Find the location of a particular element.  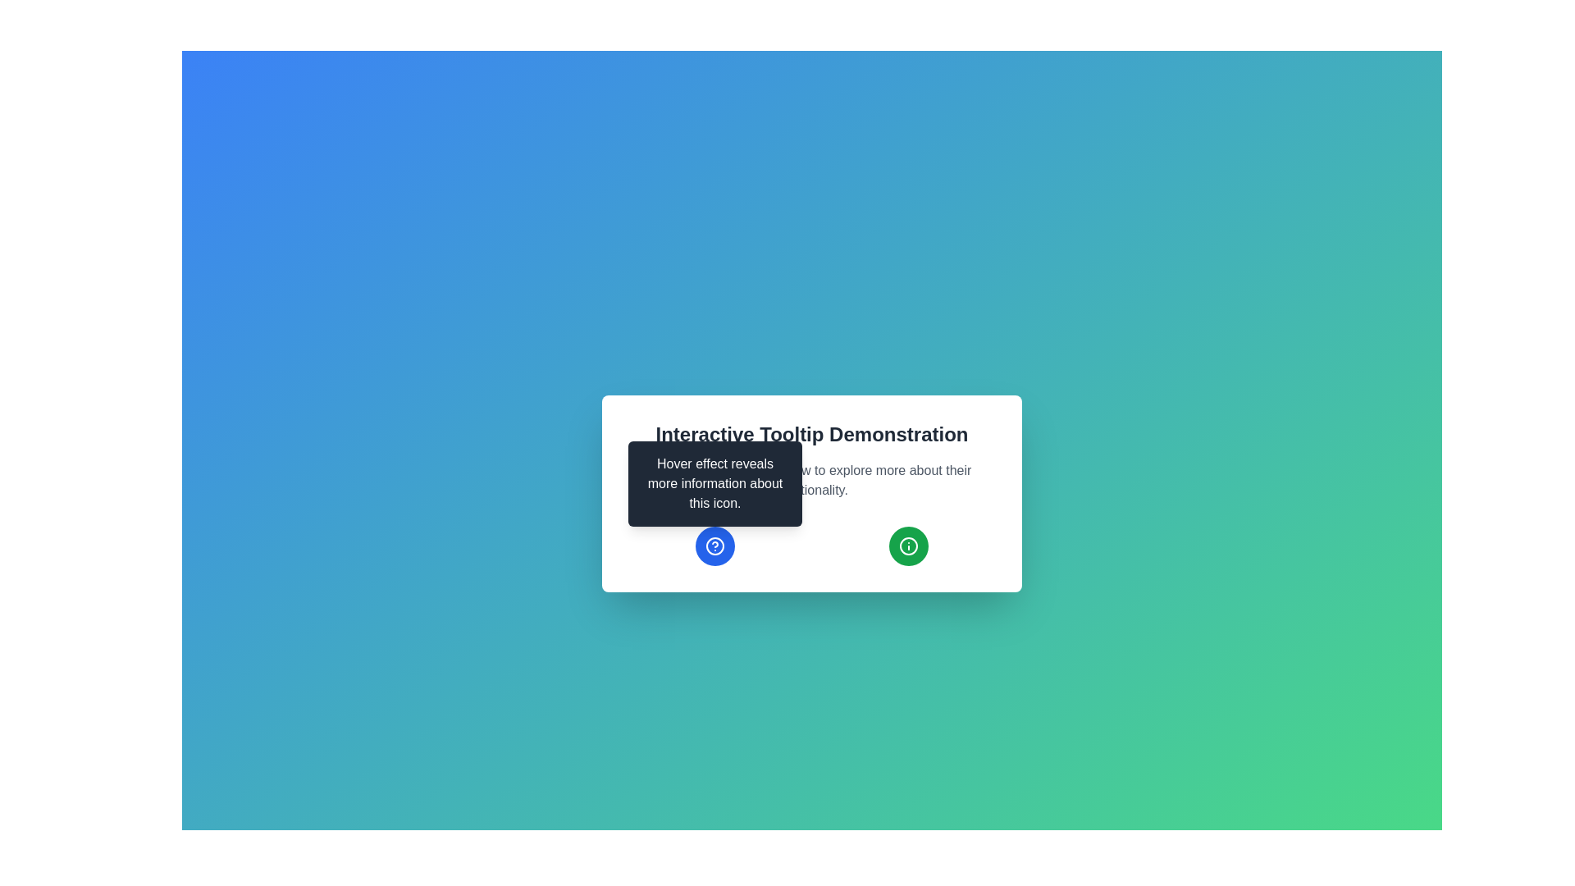

the round button with an icon located on the right side of the modal interface, which is the second button in the grid layout is located at coordinates (908, 546).